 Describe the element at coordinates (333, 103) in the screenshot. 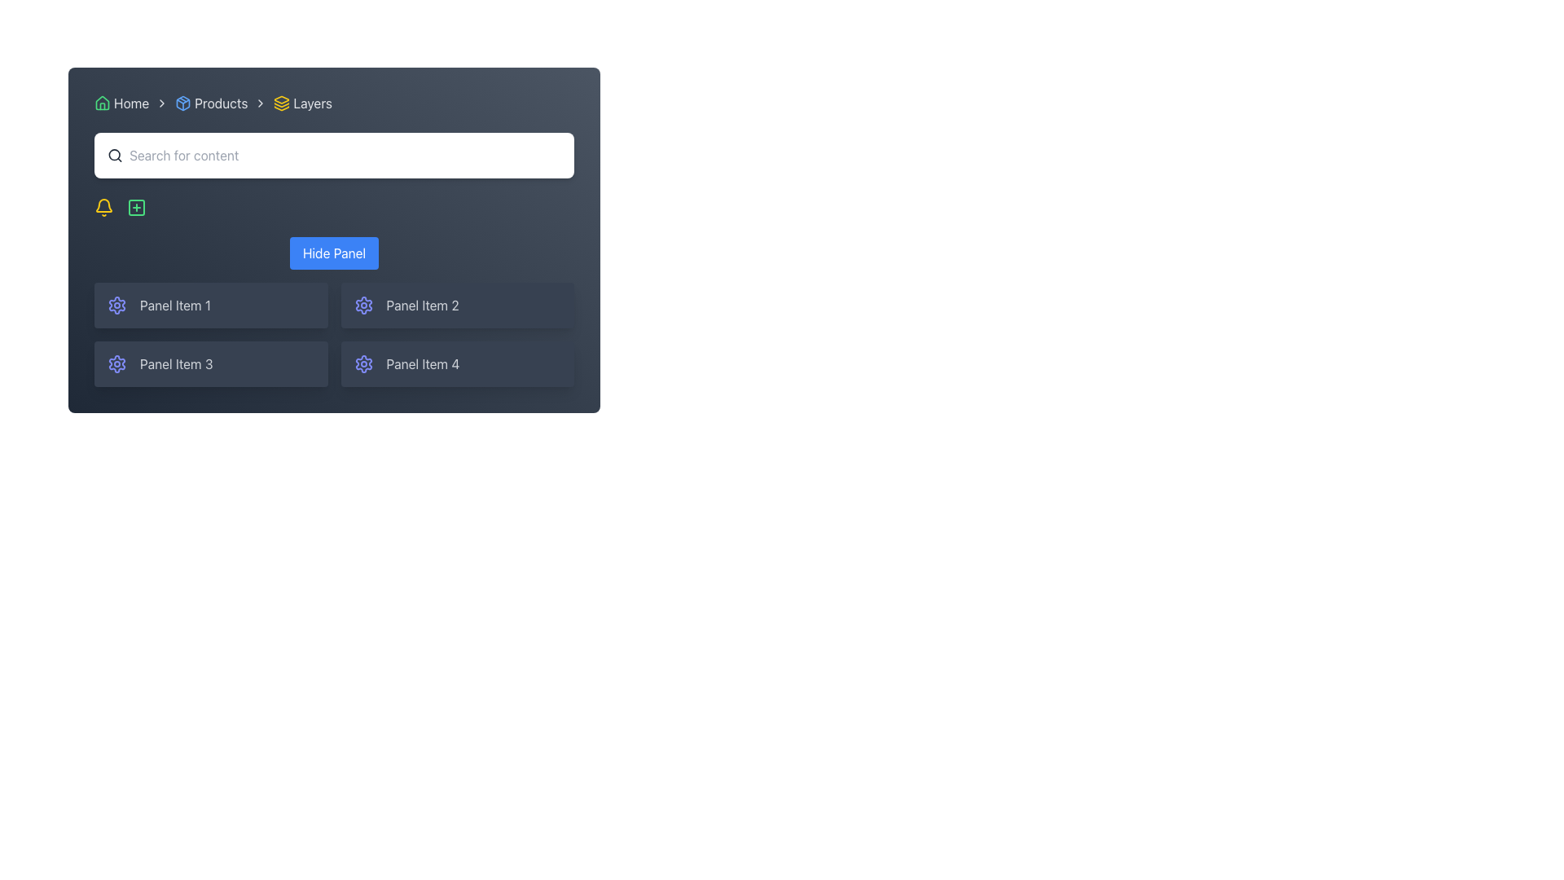

I see `the Breadcrumb navigation element containing the items 'Home', 'Products', and 'Layers'` at that location.